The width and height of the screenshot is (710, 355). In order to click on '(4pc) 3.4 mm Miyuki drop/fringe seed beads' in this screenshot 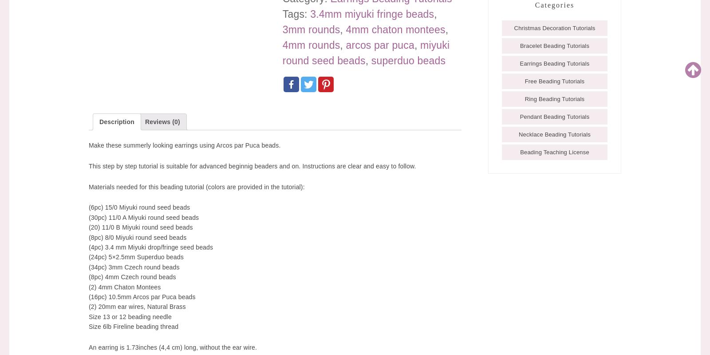, I will do `click(88, 246)`.